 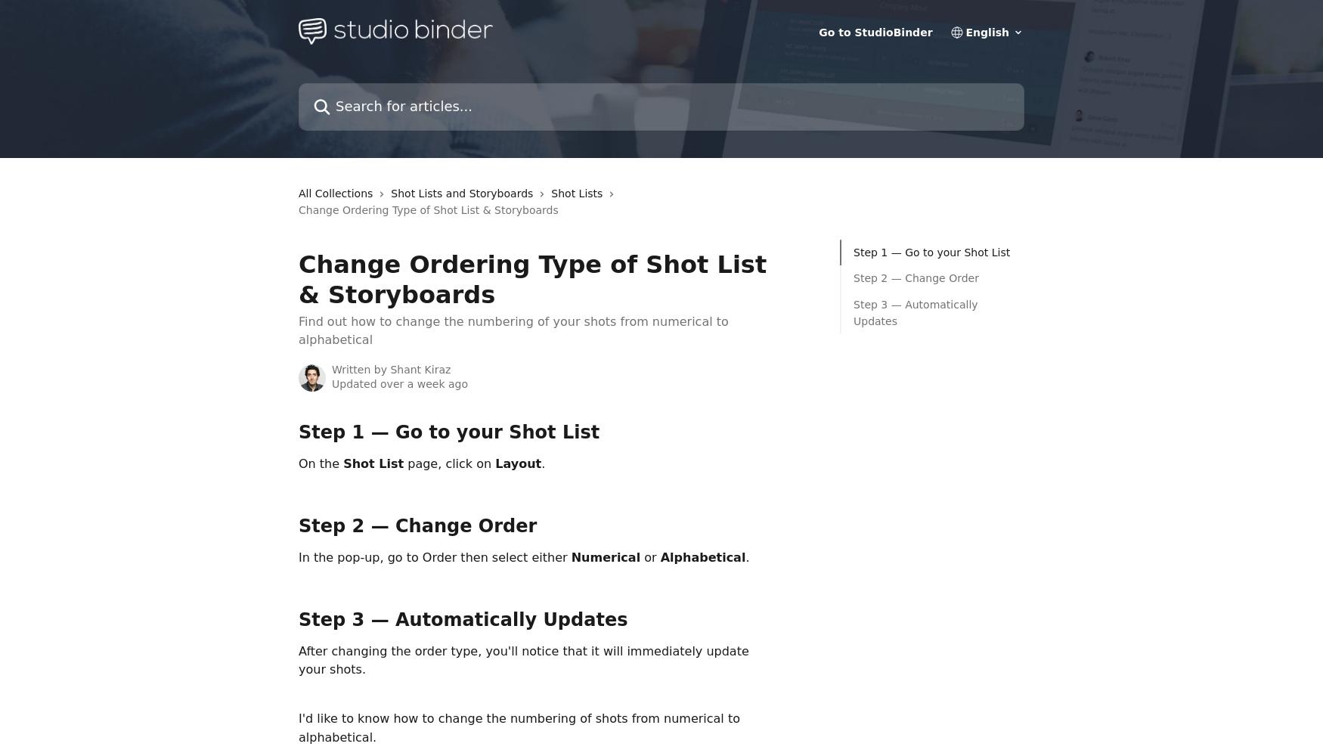 What do you see at coordinates (335, 193) in the screenshot?
I see `'All Collections'` at bounding box center [335, 193].